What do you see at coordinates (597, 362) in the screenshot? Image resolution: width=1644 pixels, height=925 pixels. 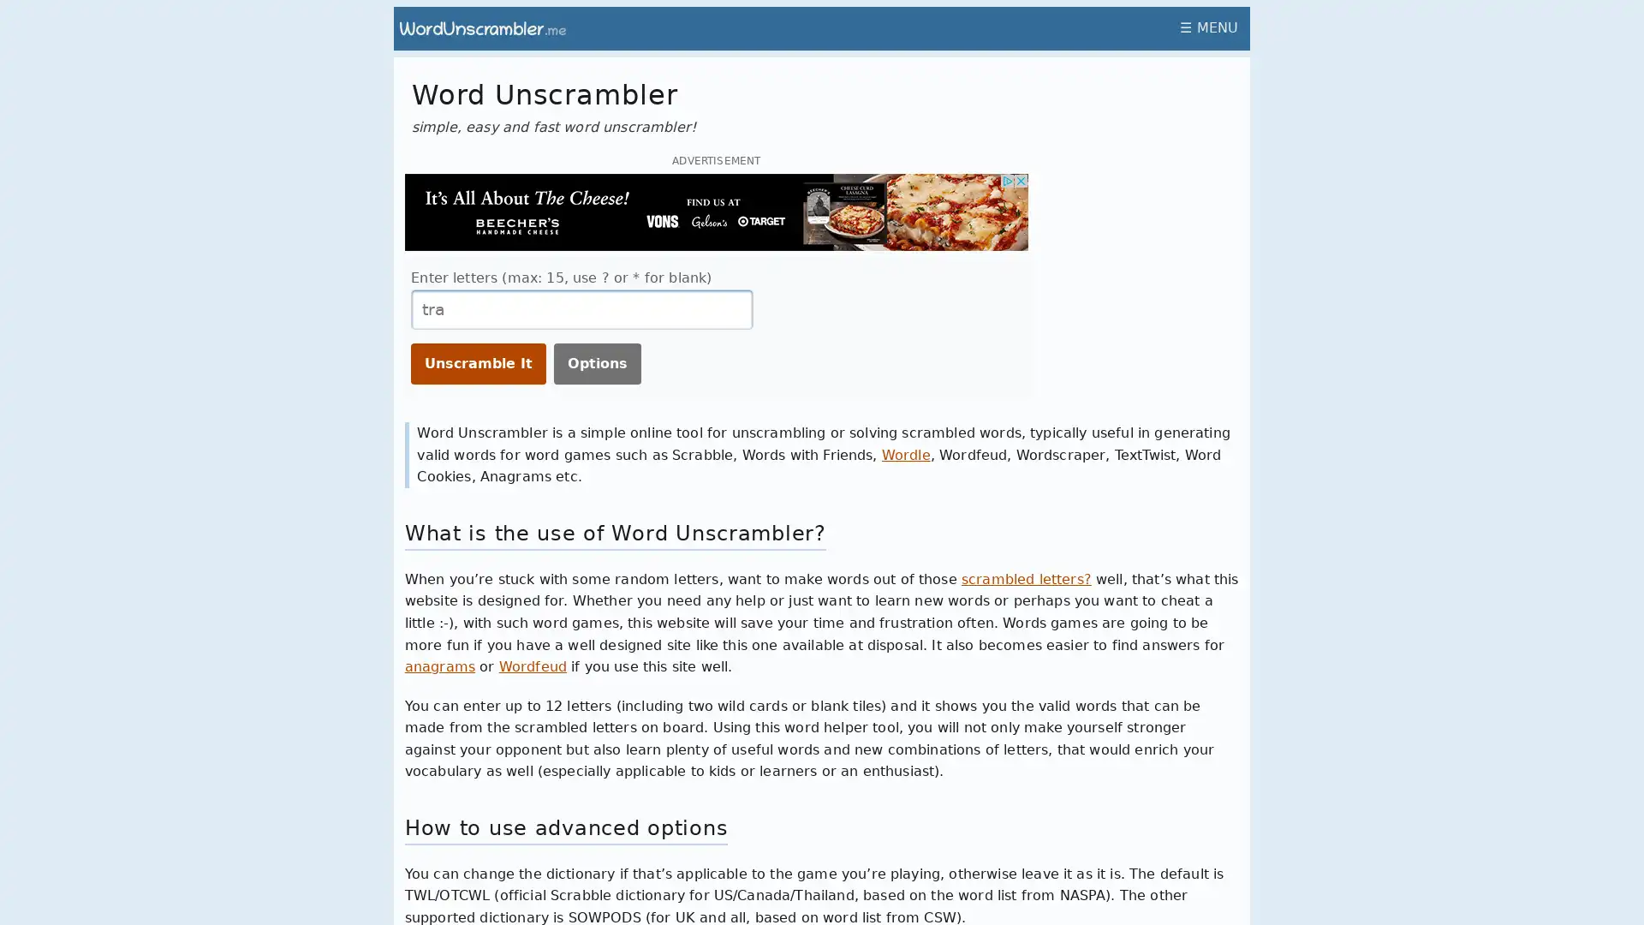 I see `Options` at bounding box center [597, 362].